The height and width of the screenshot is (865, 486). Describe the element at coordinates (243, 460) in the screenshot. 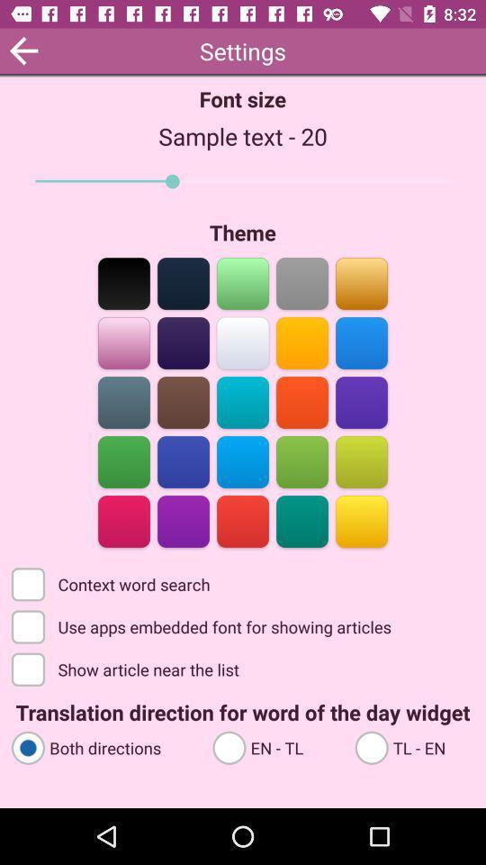

I see `theme color` at that location.